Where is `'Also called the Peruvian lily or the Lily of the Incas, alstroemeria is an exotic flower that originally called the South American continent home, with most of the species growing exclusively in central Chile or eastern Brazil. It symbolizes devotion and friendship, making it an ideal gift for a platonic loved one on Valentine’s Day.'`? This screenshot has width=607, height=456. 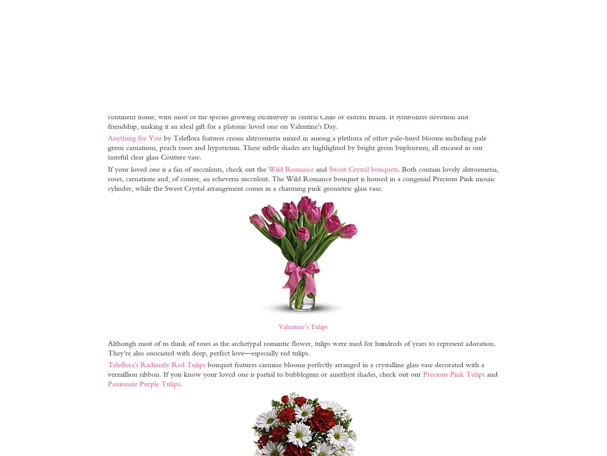
'Also called the Peruvian lily or the Lily of the Incas, alstroemeria is an exotic flower that originally called the South American continent home, with most of the species growing exclusively in central Chile or eastern Brazil. It symbolizes devotion and friendship, making it an ideal gift for a platonic loved one on Valentine’s Day.' is located at coordinates (291, 116).